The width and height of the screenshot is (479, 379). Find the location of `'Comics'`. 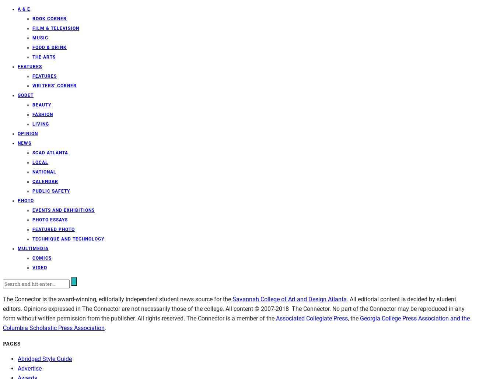

'Comics' is located at coordinates (42, 257).